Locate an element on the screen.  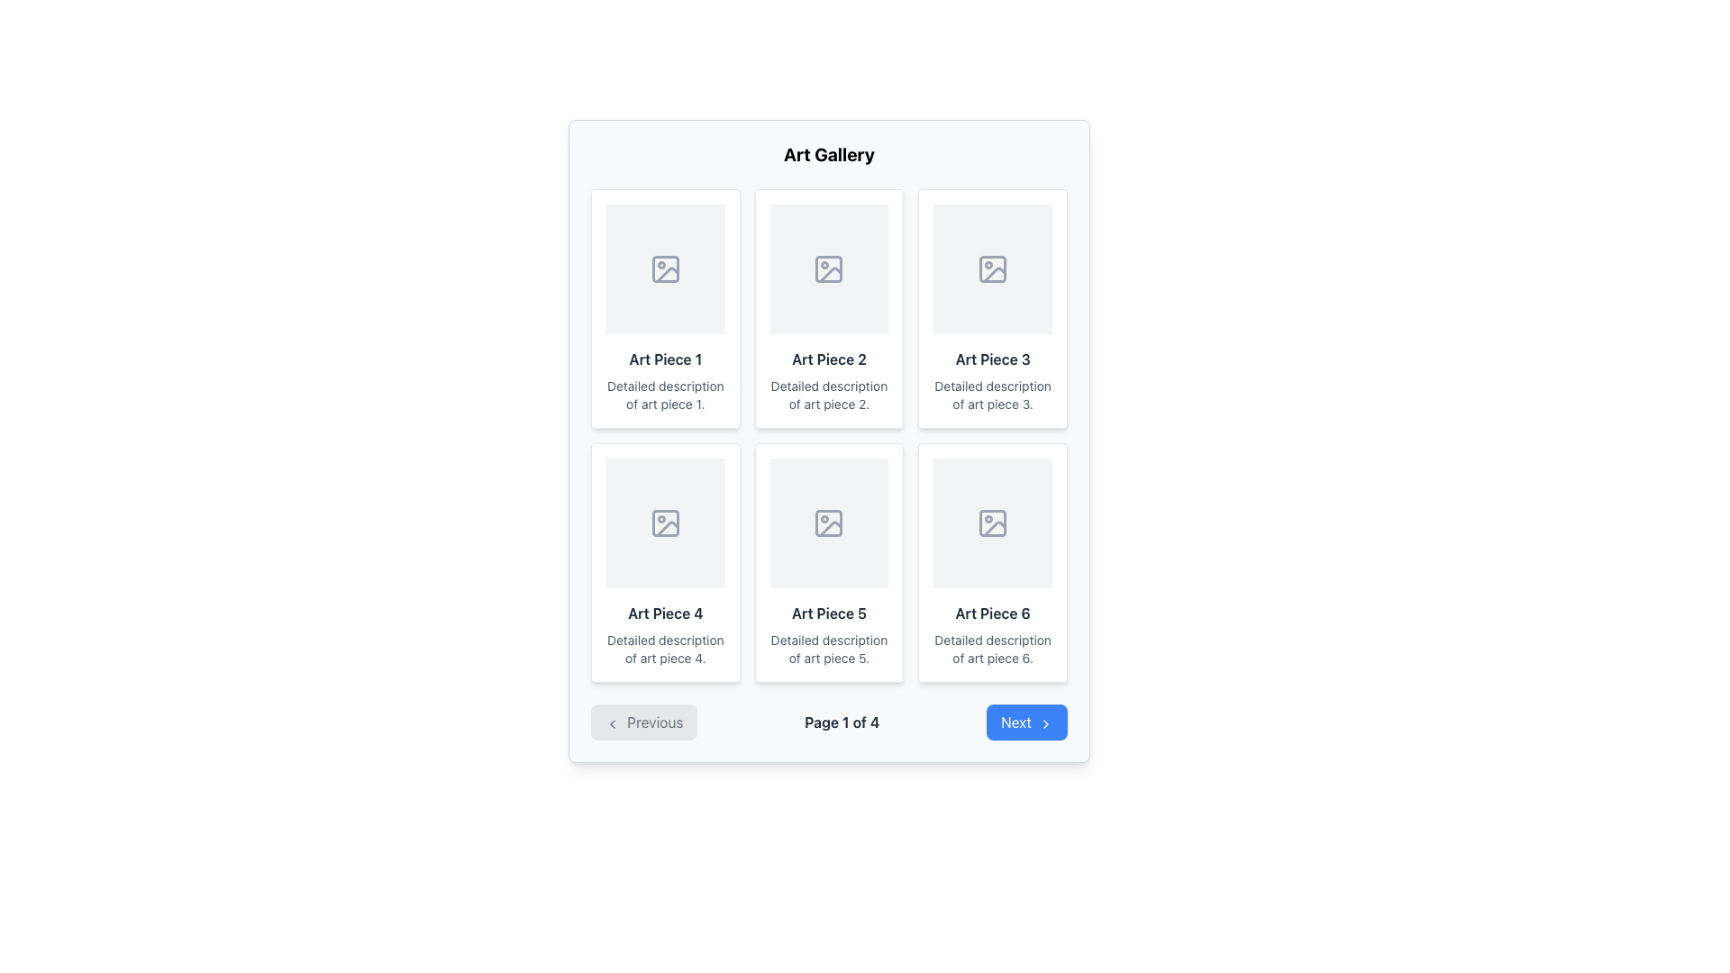
the graphical shape located in the bottom-right cell of the sixth panel in the grid layout is located at coordinates (992, 523).